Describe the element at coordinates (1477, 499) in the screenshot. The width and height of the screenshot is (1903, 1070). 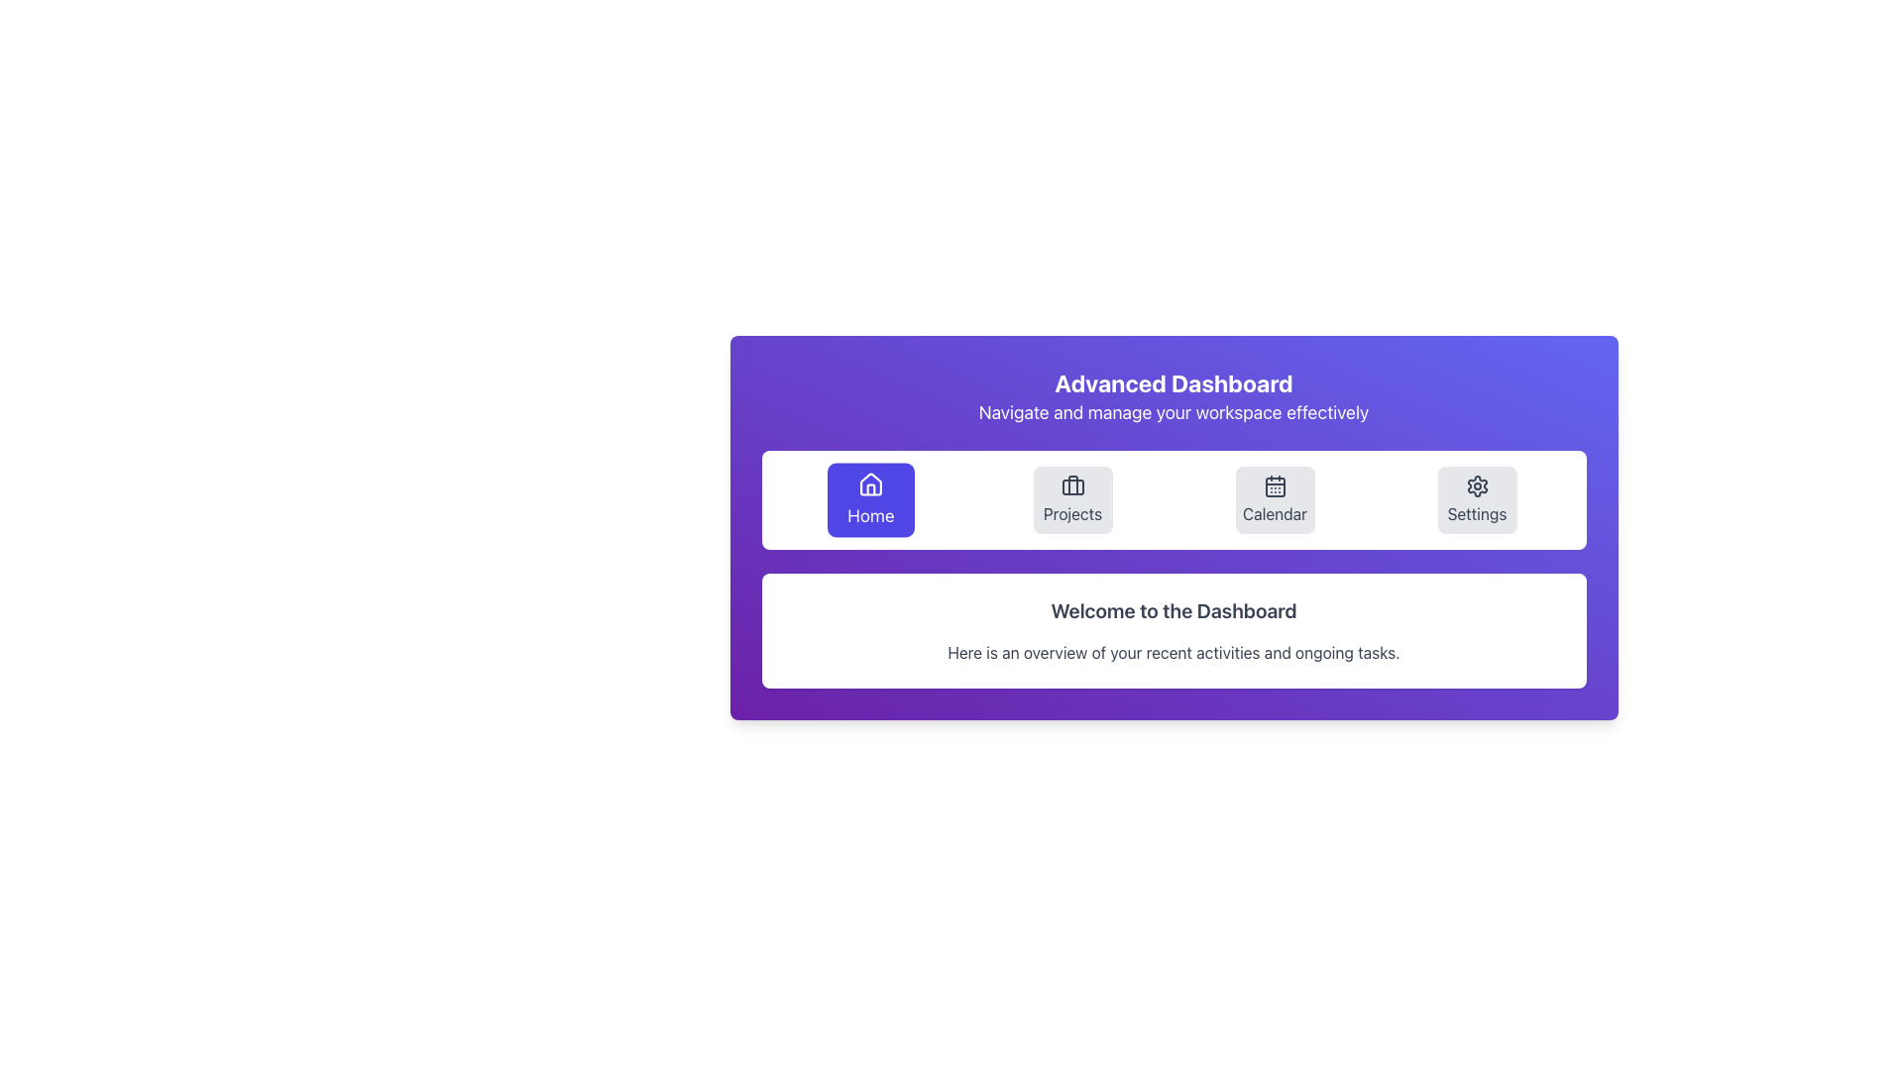
I see `the 'Settings' button located in the navigation bar at the bottom of the interface` at that location.